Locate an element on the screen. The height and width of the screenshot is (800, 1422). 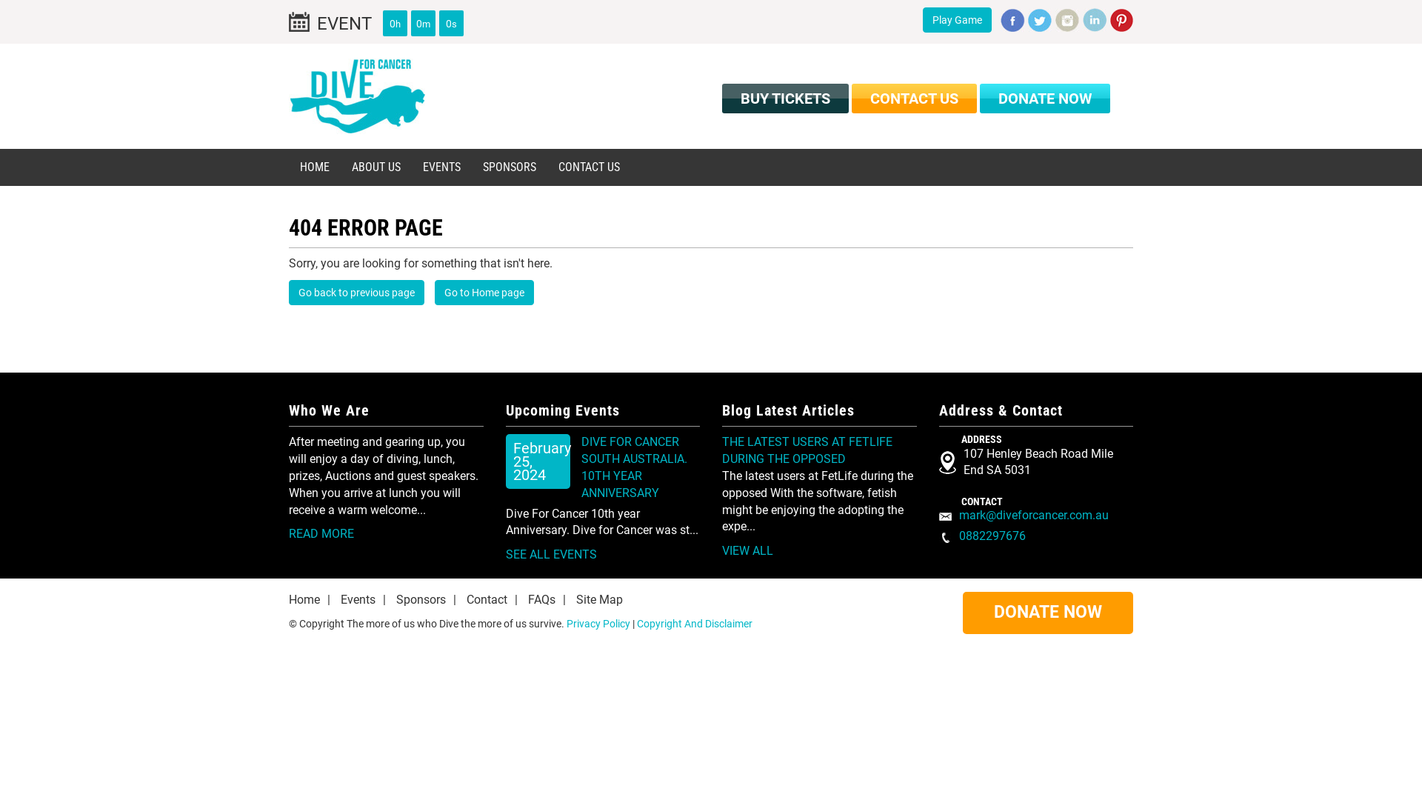
'mark@diveforcancer.com.au' is located at coordinates (1032, 514).